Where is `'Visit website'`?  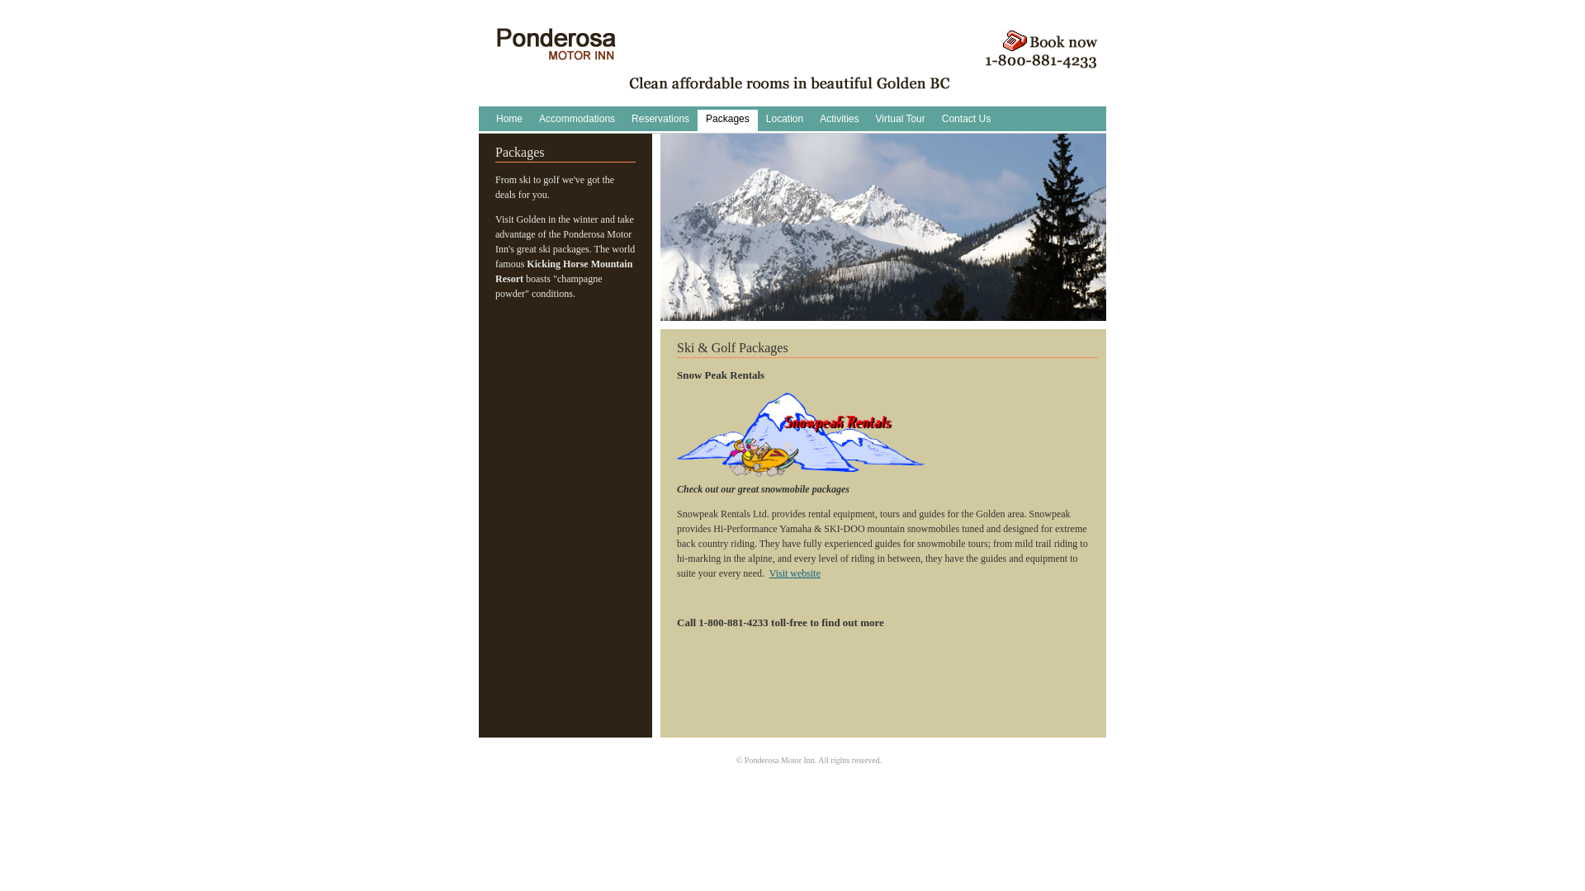 'Visit website' is located at coordinates (795, 572).